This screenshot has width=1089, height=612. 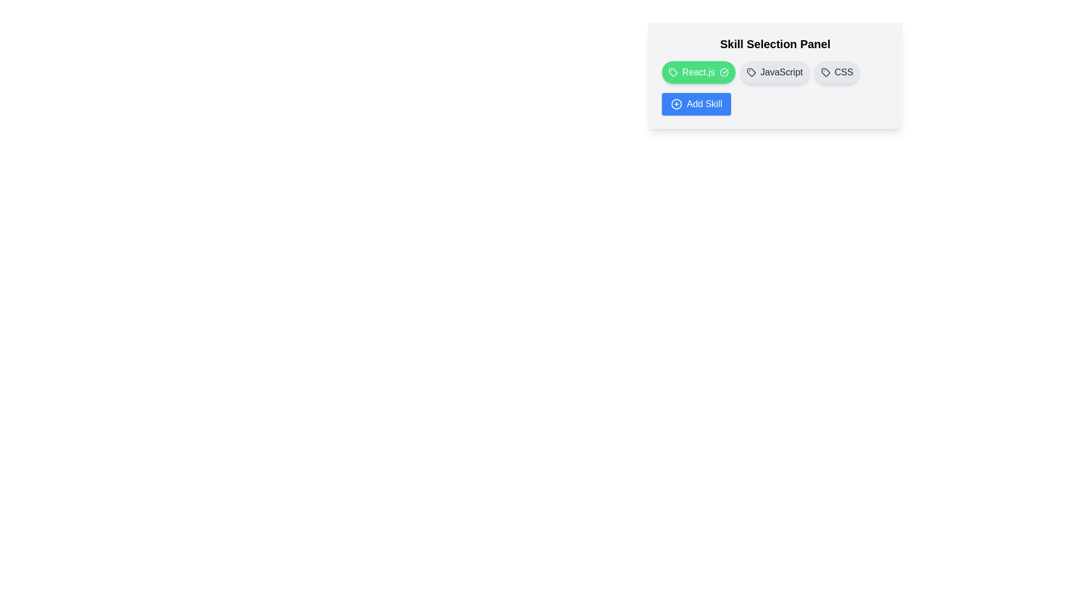 I want to click on the decorative icon located on the left side of the 'Add Skill' button, which symbolizes the action of adding a new skill, so click(x=677, y=104).